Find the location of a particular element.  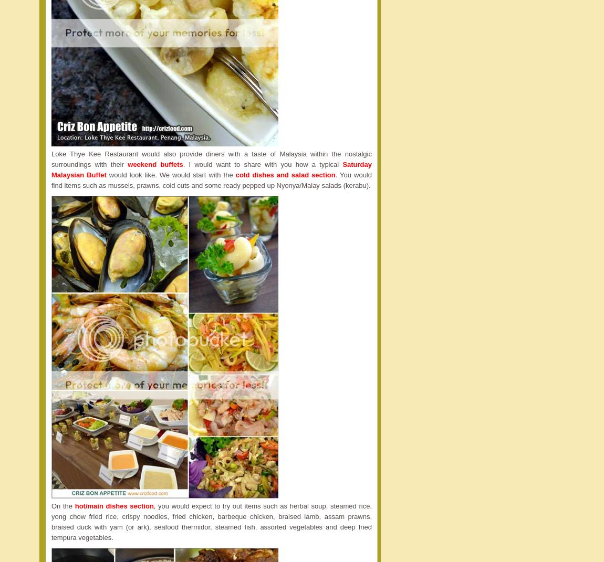

'On the' is located at coordinates (61, 505).